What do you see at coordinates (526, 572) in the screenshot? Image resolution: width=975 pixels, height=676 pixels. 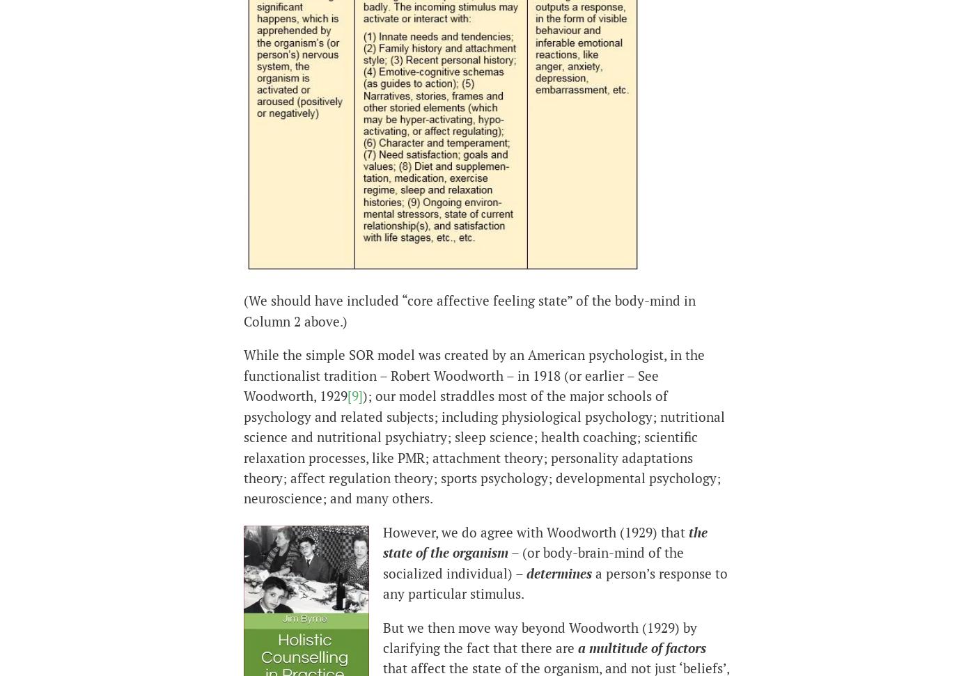 I see `'determines'` at bounding box center [526, 572].